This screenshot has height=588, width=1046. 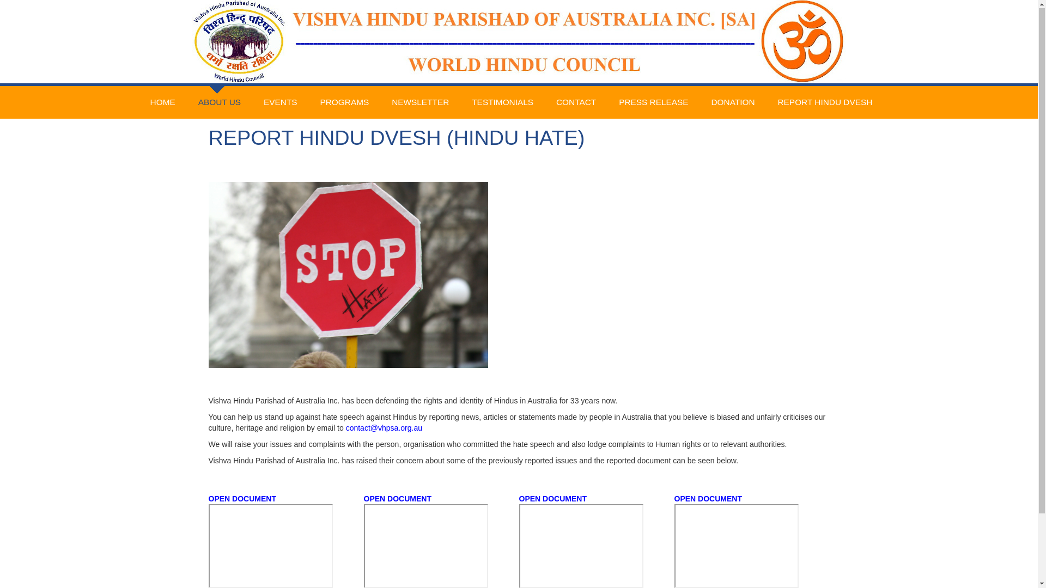 I want to click on 'HOME', so click(x=147, y=103).